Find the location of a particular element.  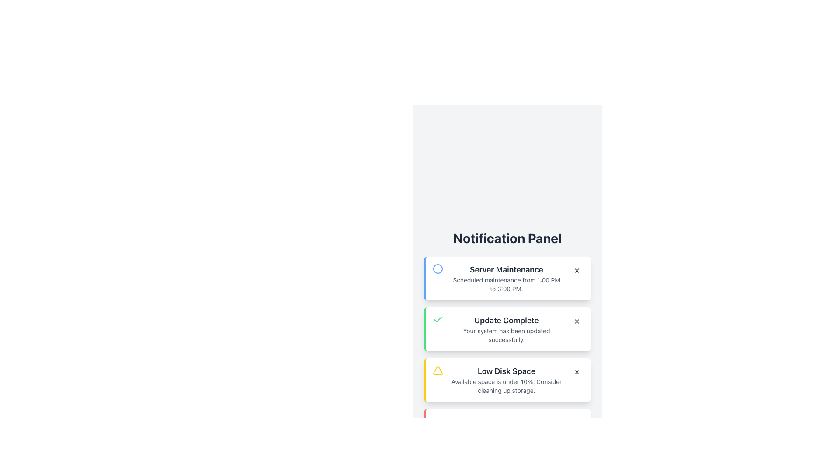

the circular button with an 'X' icon, located to the right of the 'Low Disk Space' notification in the notification panel is located at coordinates (577, 372).